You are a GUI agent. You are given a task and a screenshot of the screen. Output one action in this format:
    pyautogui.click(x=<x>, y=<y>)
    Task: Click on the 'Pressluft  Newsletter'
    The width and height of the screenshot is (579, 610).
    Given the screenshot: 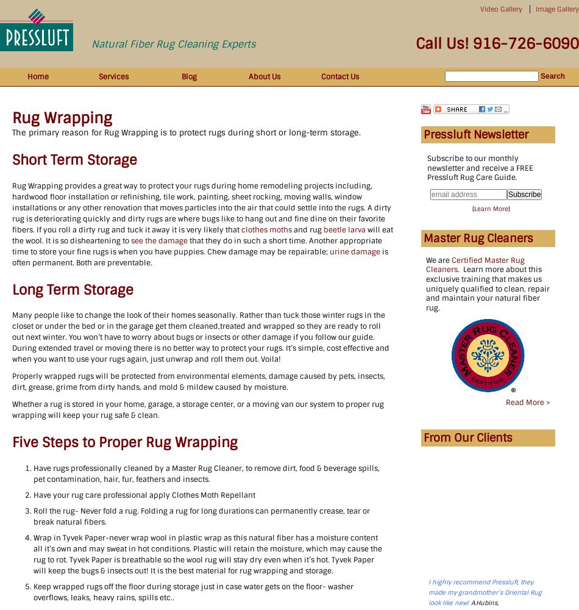 What is the action you would take?
    pyautogui.click(x=475, y=134)
    